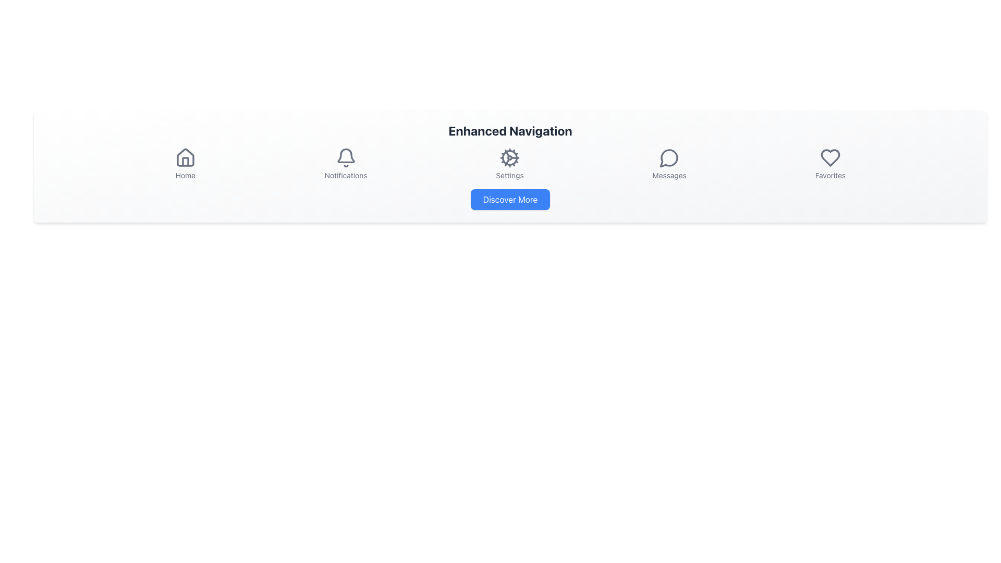 Image resolution: width=1001 pixels, height=563 pixels. What do you see at coordinates (510, 164) in the screenshot?
I see `the 'Settings' button in the navigation bar to observe the styling changes of the cogwheel icon and text label` at bounding box center [510, 164].